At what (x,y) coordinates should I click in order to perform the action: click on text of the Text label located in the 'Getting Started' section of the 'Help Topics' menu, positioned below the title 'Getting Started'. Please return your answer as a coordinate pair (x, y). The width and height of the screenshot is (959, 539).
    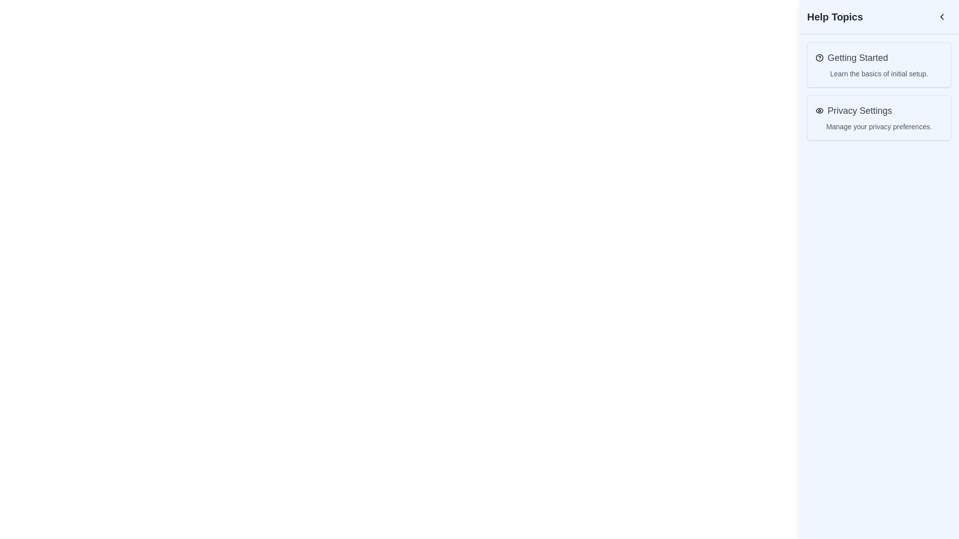
    Looking at the image, I should click on (879, 73).